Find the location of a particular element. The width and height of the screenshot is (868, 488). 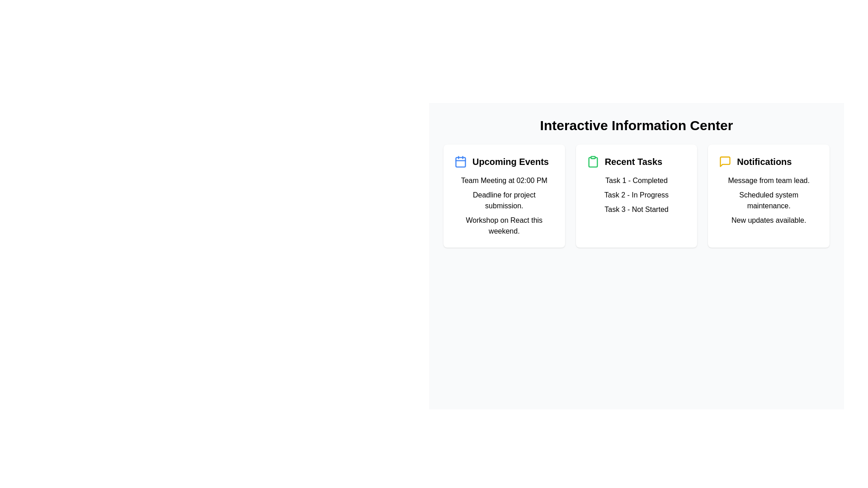

the text block containing 'Team Meeting at 02:00 PM', 'Deadline is located at coordinates (504, 206).